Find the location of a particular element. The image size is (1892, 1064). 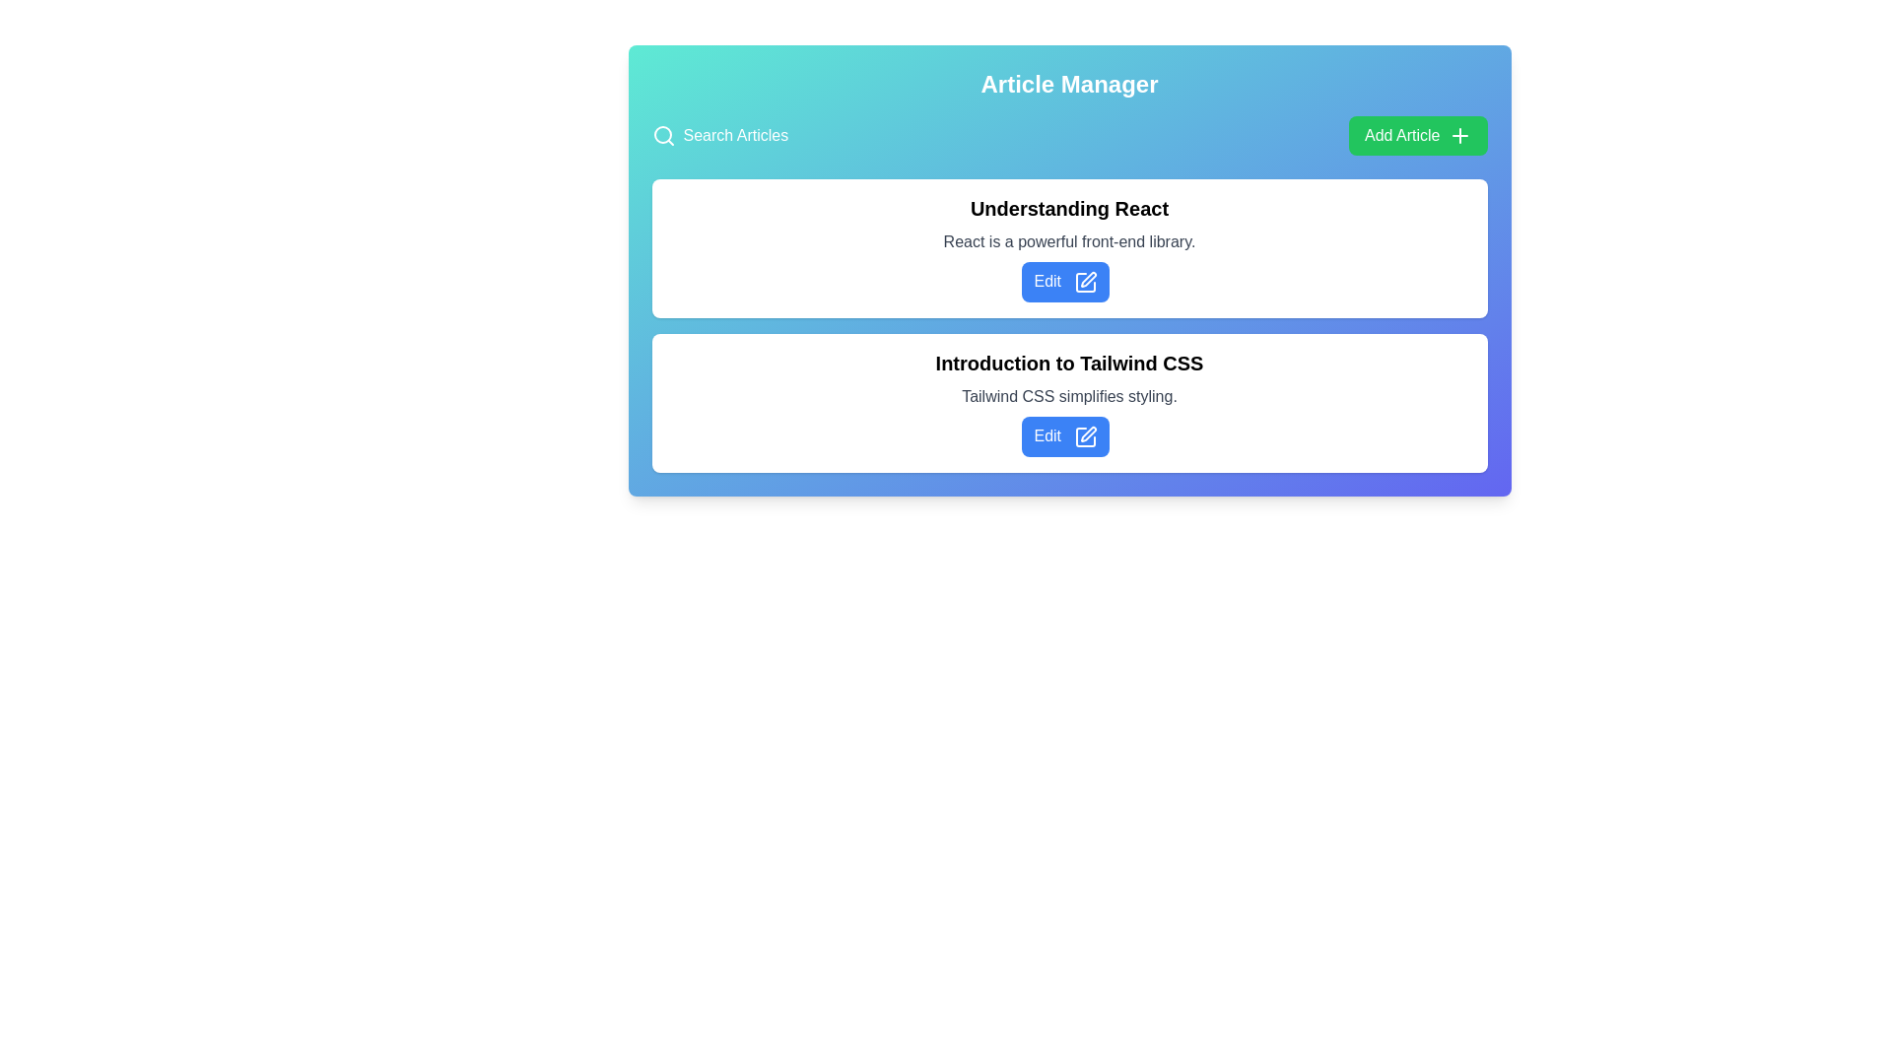

the informational text element that provides a brief explanation about Tailwind CSS, located below the title 'Introduction to Tailwind CSS' and above the 'Edit' button is located at coordinates (1068, 396).